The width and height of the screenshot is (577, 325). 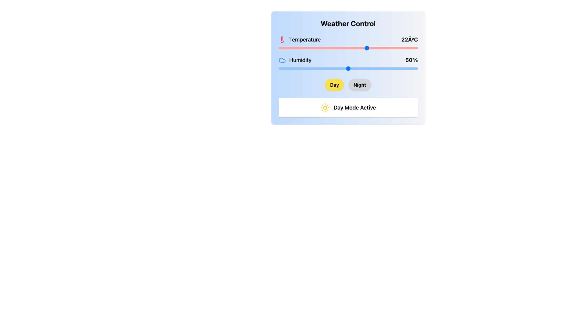 I want to click on the stylized sun icon, which is a yellow circular icon with radiating lines, positioned to the left of the 'Day Mode Active' text within a white card area, so click(x=325, y=107).